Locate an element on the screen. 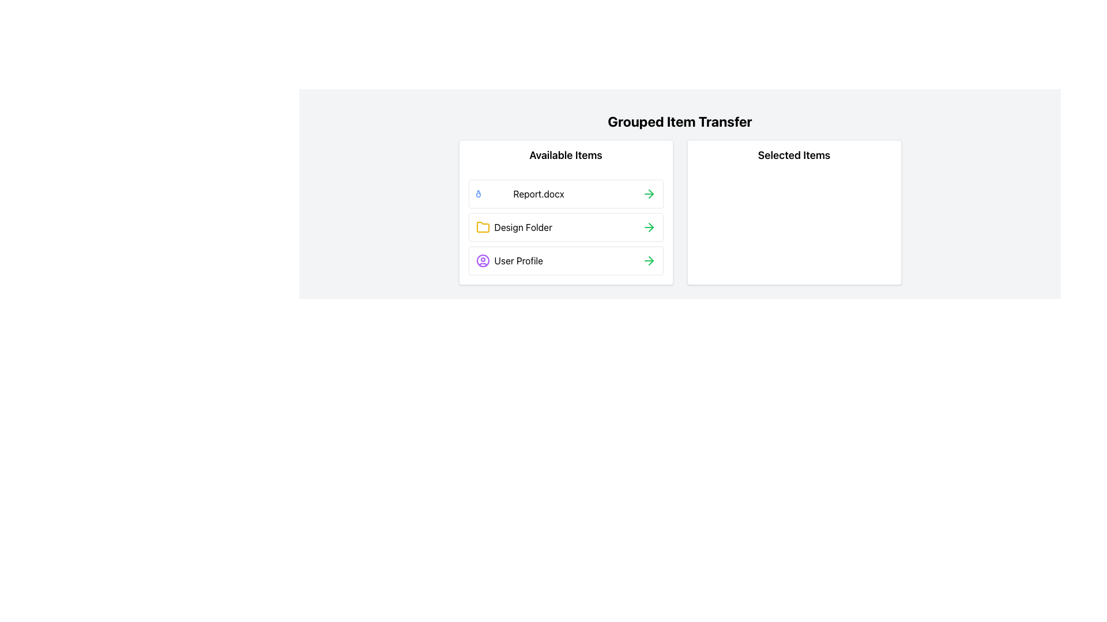 Image resolution: width=1107 pixels, height=622 pixels. the 'Design Folder' list item, which is the second item is located at coordinates (513, 227).